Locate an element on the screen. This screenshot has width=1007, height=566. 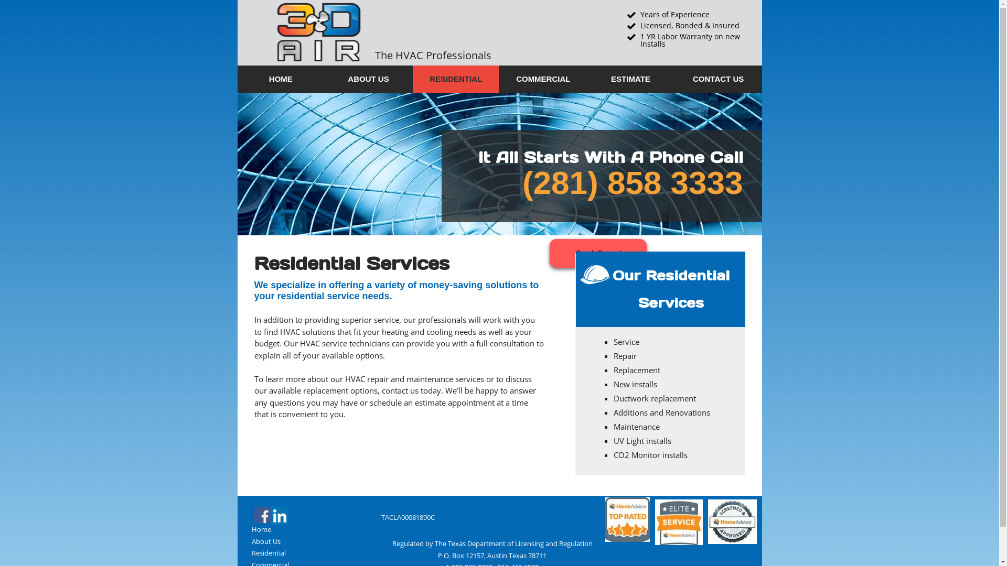
'CONTACT US' is located at coordinates (717, 79).